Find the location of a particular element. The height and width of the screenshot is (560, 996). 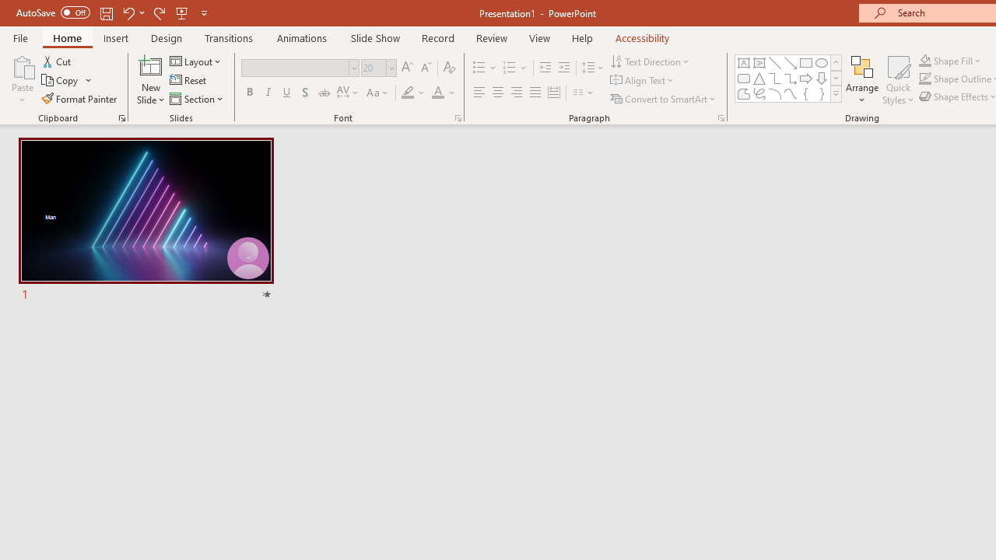

'Align Text' is located at coordinates (643, 80).